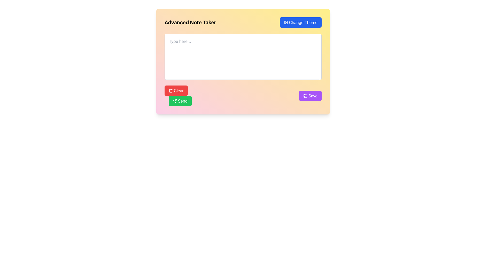  Describe the element at coordinates (175, 101) in the screenshot. I see `the triangular SVG icon resembling an upward-pointing arrow located within the green 'Send' button` at that location.